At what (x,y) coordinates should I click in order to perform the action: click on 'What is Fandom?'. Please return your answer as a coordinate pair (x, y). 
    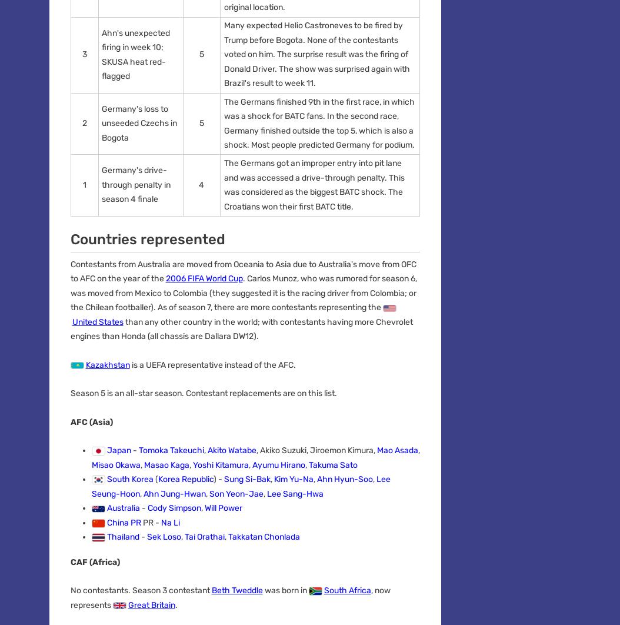
    Looking at the image, I should click on (81, 329).